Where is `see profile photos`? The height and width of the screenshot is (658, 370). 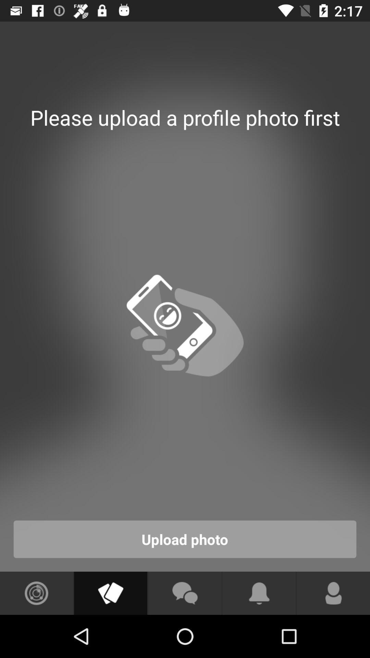
see profile photos is located at coordinates (110, 593).